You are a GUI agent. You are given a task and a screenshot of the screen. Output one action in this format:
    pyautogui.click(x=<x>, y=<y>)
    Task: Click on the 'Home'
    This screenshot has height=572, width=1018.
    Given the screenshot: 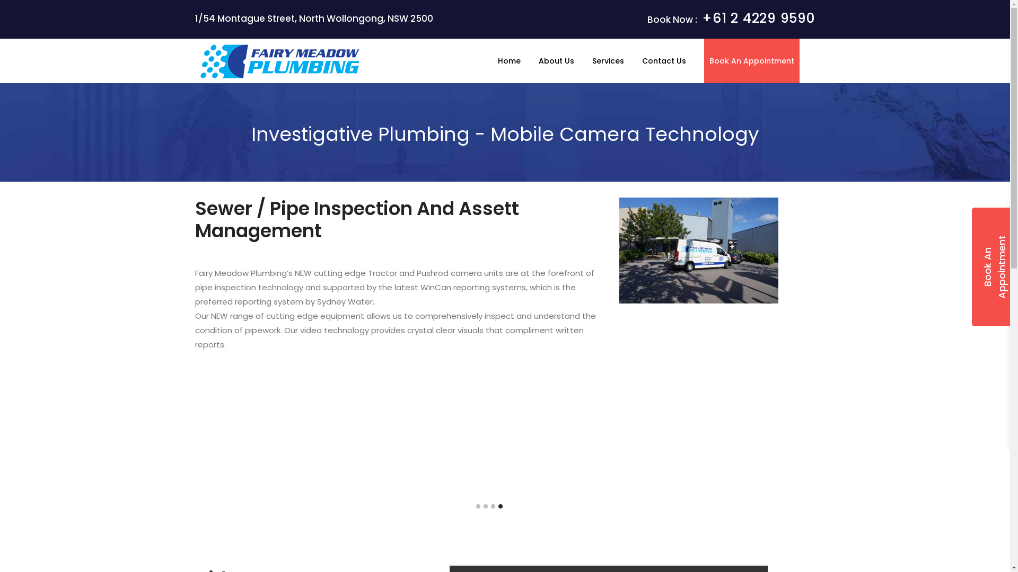 What is the action you would take?
    pyautogui.click(x=508, y=61)
    